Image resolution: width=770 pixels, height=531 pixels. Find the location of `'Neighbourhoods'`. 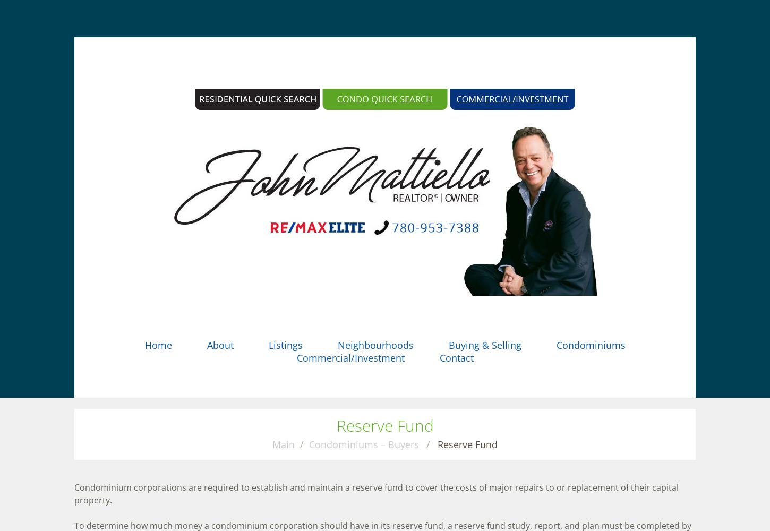

'Neighbourhoods' is located at coordinates (374, 345).